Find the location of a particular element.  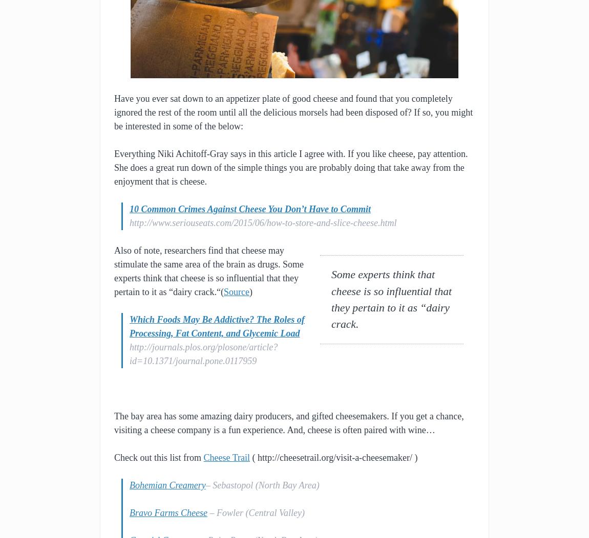

')' is located at coordinates (250, 292).